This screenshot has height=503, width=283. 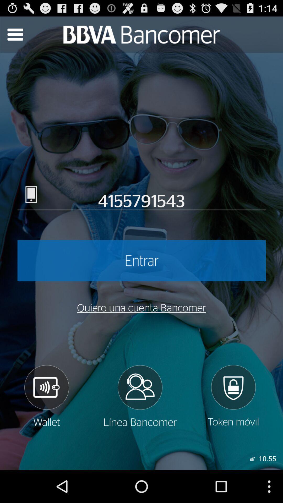 I want to click on wallet, so click(x=46, y=396).